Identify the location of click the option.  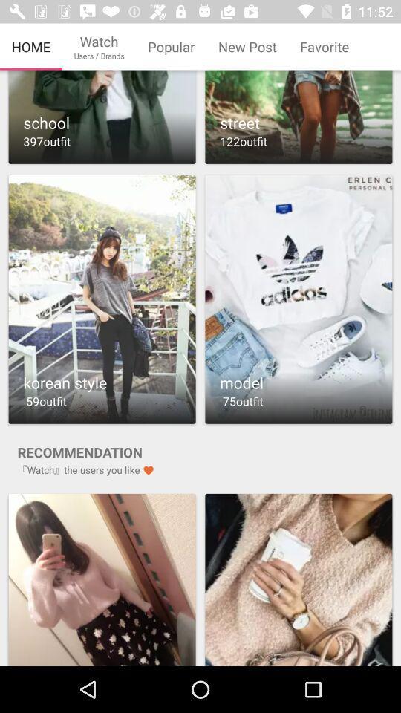
(299, 117).